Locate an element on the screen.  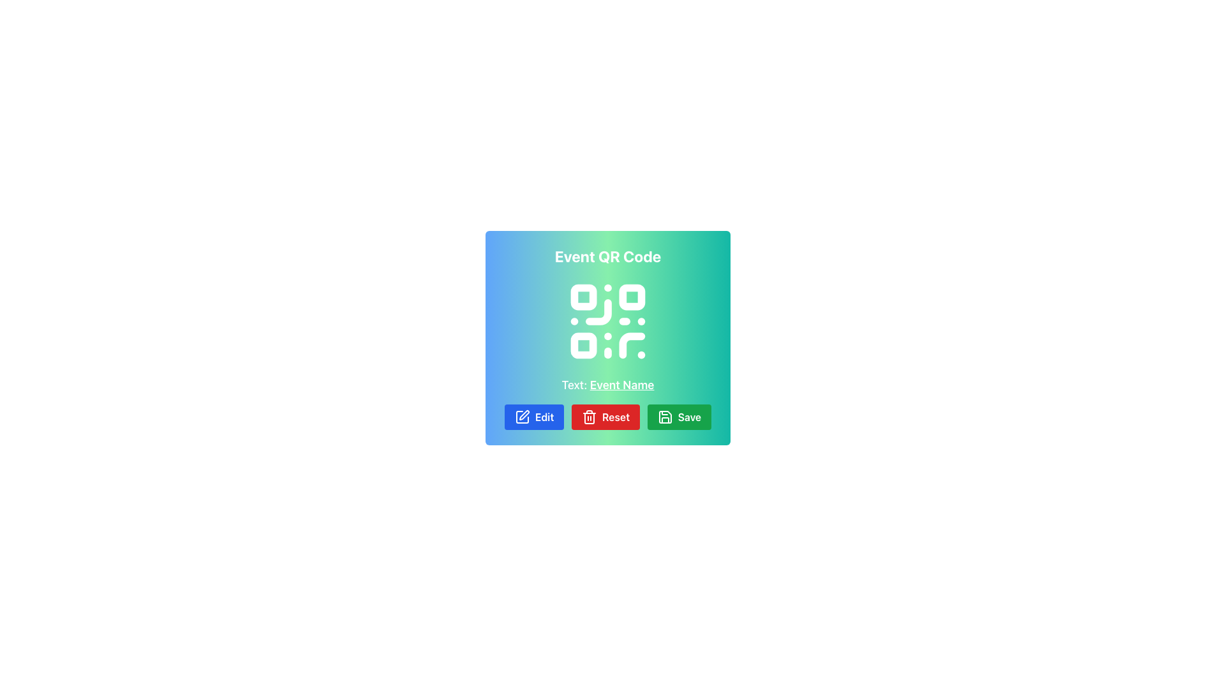
the header element displaying 'Event QR Code', which is styled in bold white font against a gradient background and is centrally aligned at the top of a card interface is located at coordinates (607, 256).